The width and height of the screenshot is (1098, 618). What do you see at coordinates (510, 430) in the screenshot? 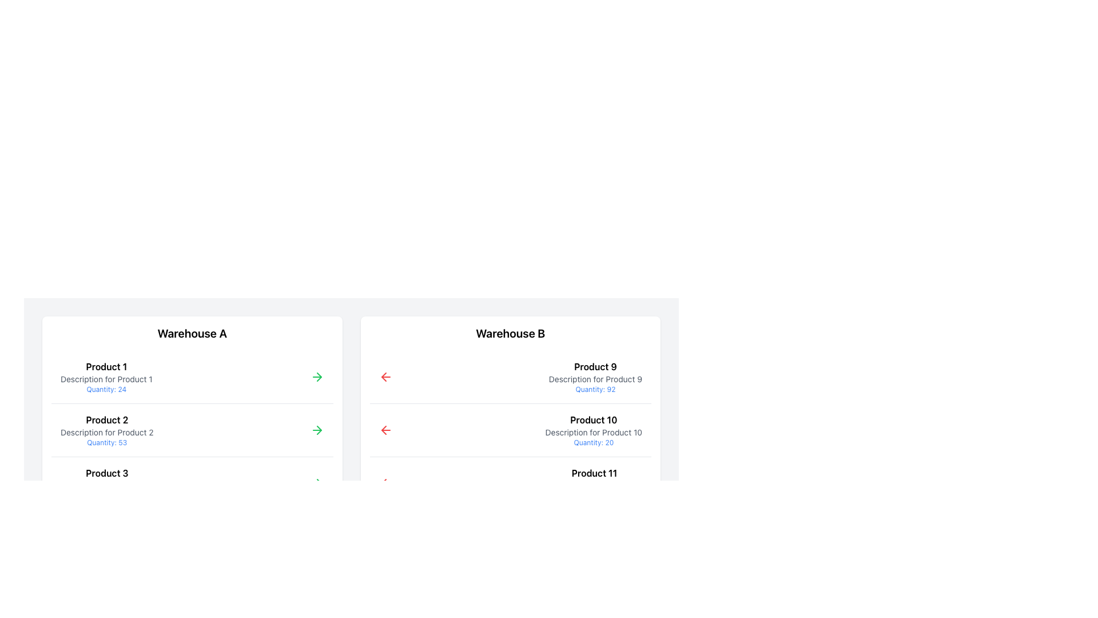
I see `the List item containing 'Product 10', which is positioned on the second row under 'Warehouse B', featuring a red arrow icon and text elements including 'Quantity: 20'` at bounding box center [510, 430].